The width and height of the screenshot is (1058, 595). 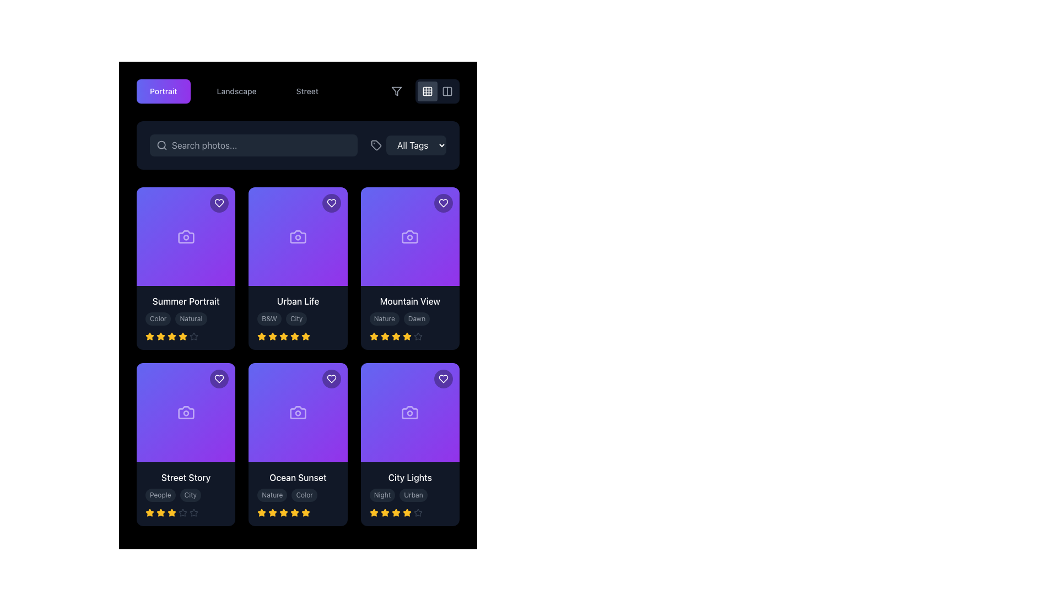 What do you see at coordinates (190, 494) in the screenshot?
I see `text from the label 'City', which is styled with a dark gray background and lighter gray rounded text, located under the card titled 'Street Story' in the lower-left corner of the grid` at bounding box center [190, 494].